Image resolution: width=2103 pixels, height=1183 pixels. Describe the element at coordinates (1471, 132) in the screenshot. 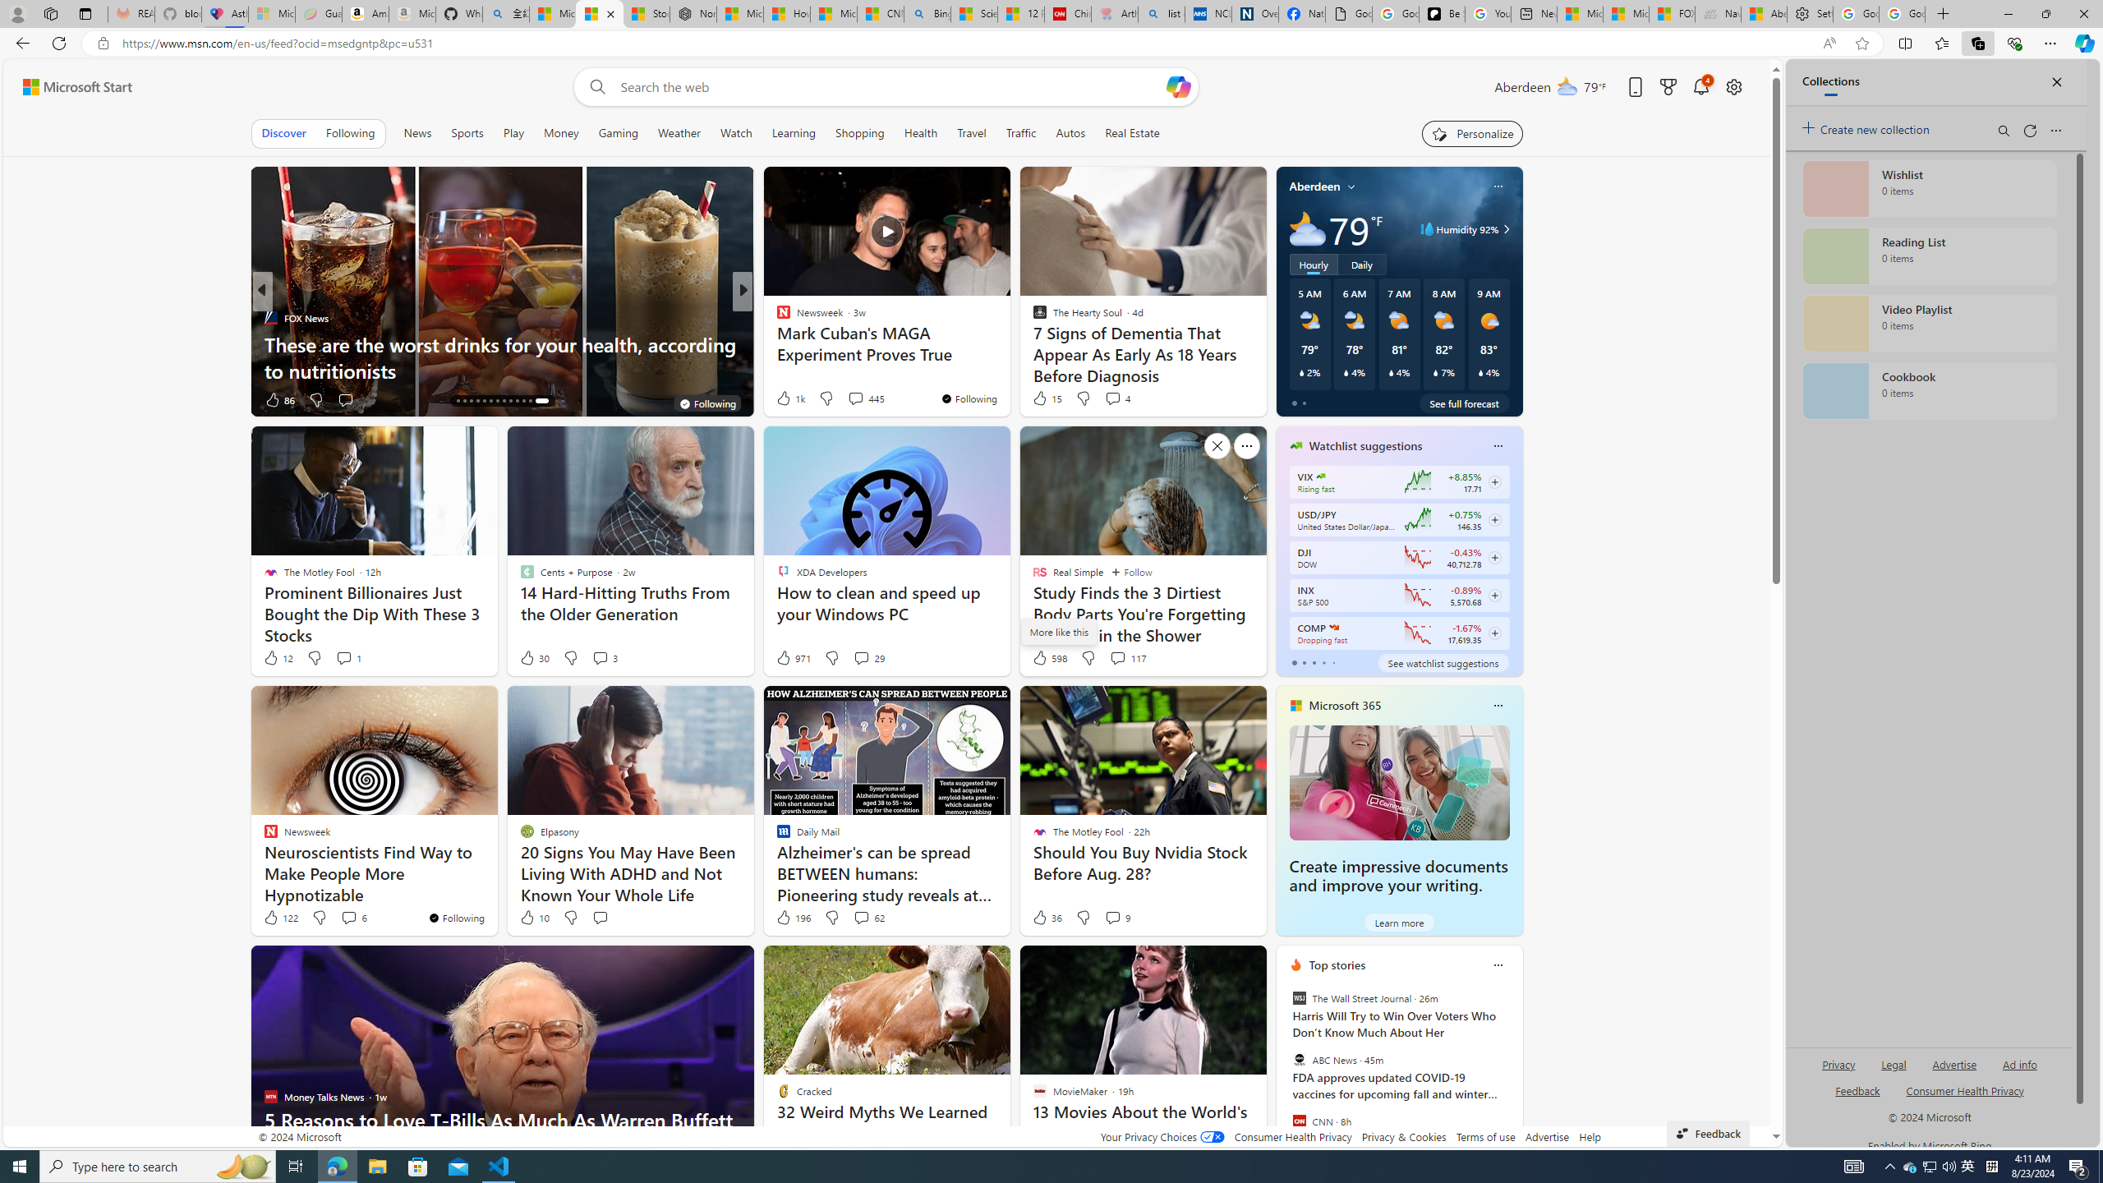

I see `'Personalize your feed"'` at that location.